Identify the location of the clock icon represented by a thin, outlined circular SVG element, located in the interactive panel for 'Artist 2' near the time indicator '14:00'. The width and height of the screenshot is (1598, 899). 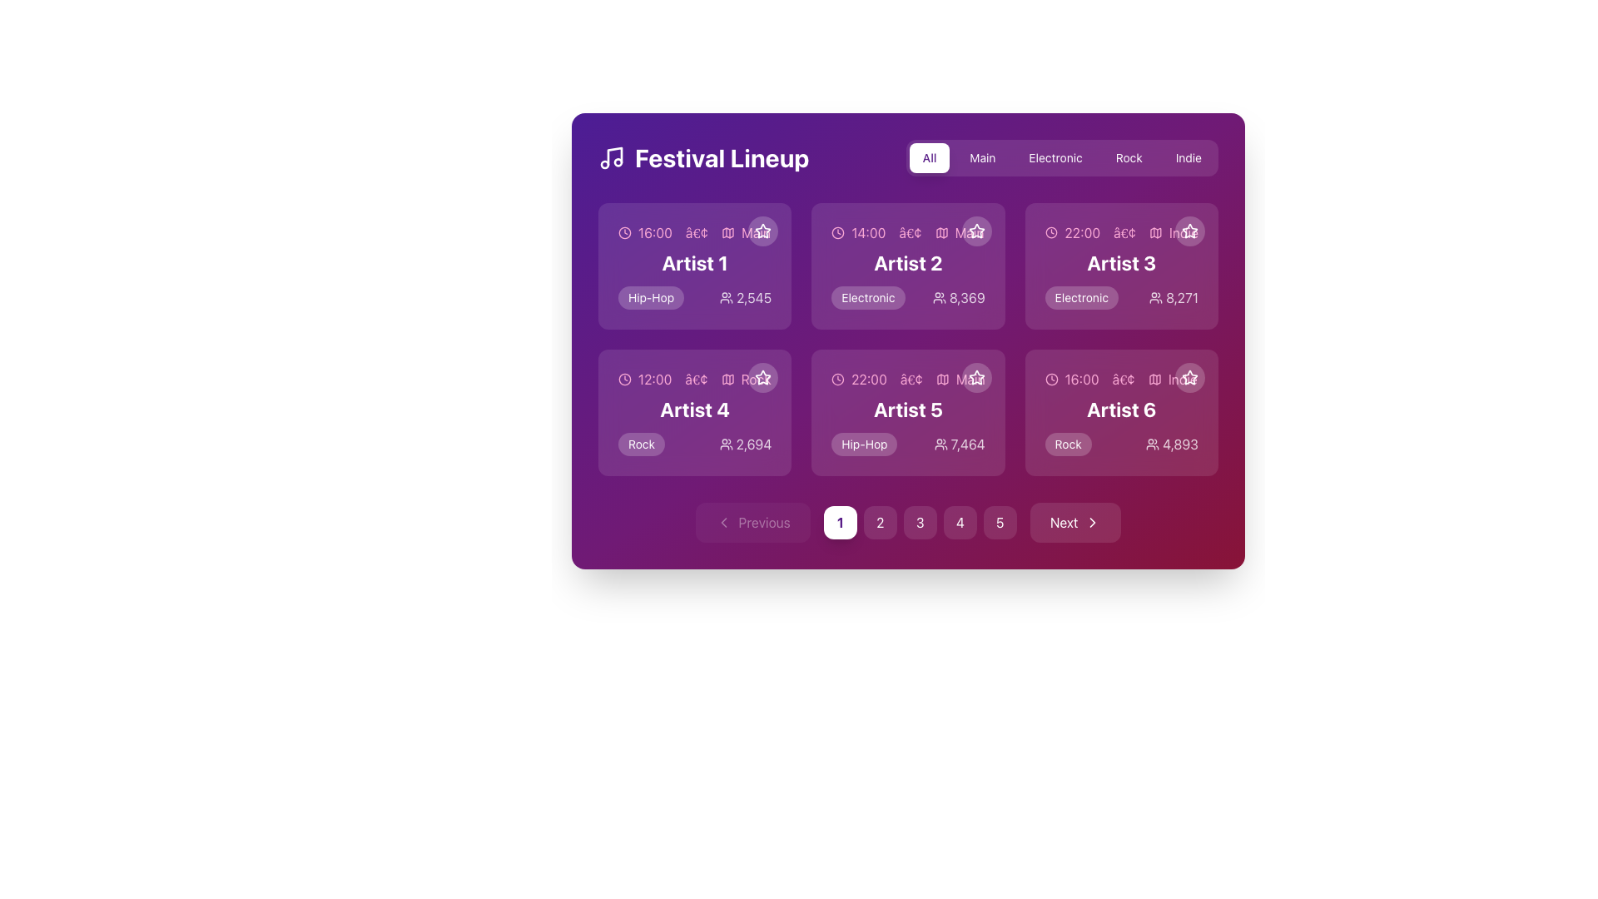
(838, 233).